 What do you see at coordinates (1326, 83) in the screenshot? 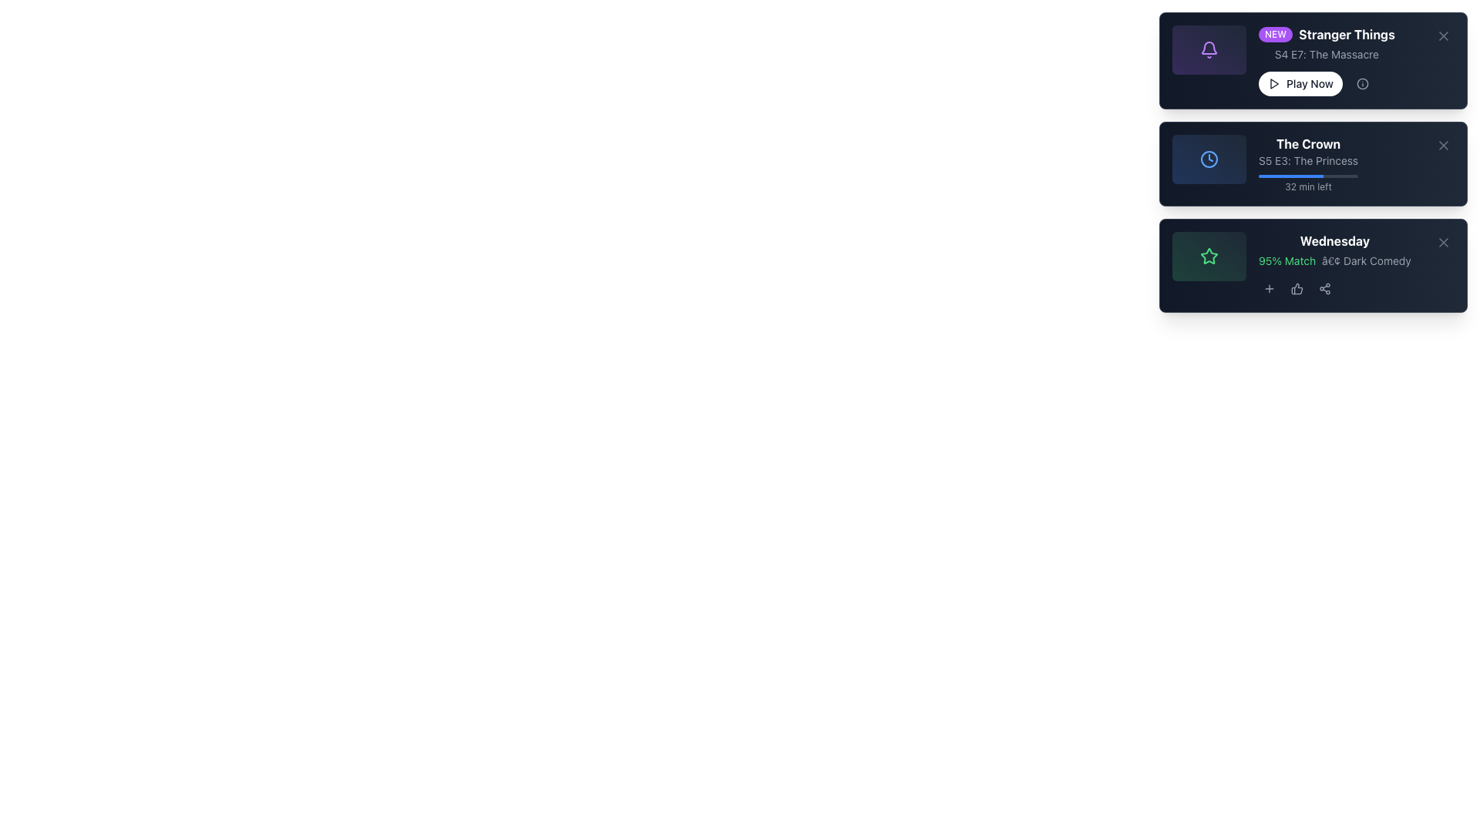
I see `the 'Play Now' button located within the 'Stranger Things' card to initiate playback` at bounding box center [1326, 83].